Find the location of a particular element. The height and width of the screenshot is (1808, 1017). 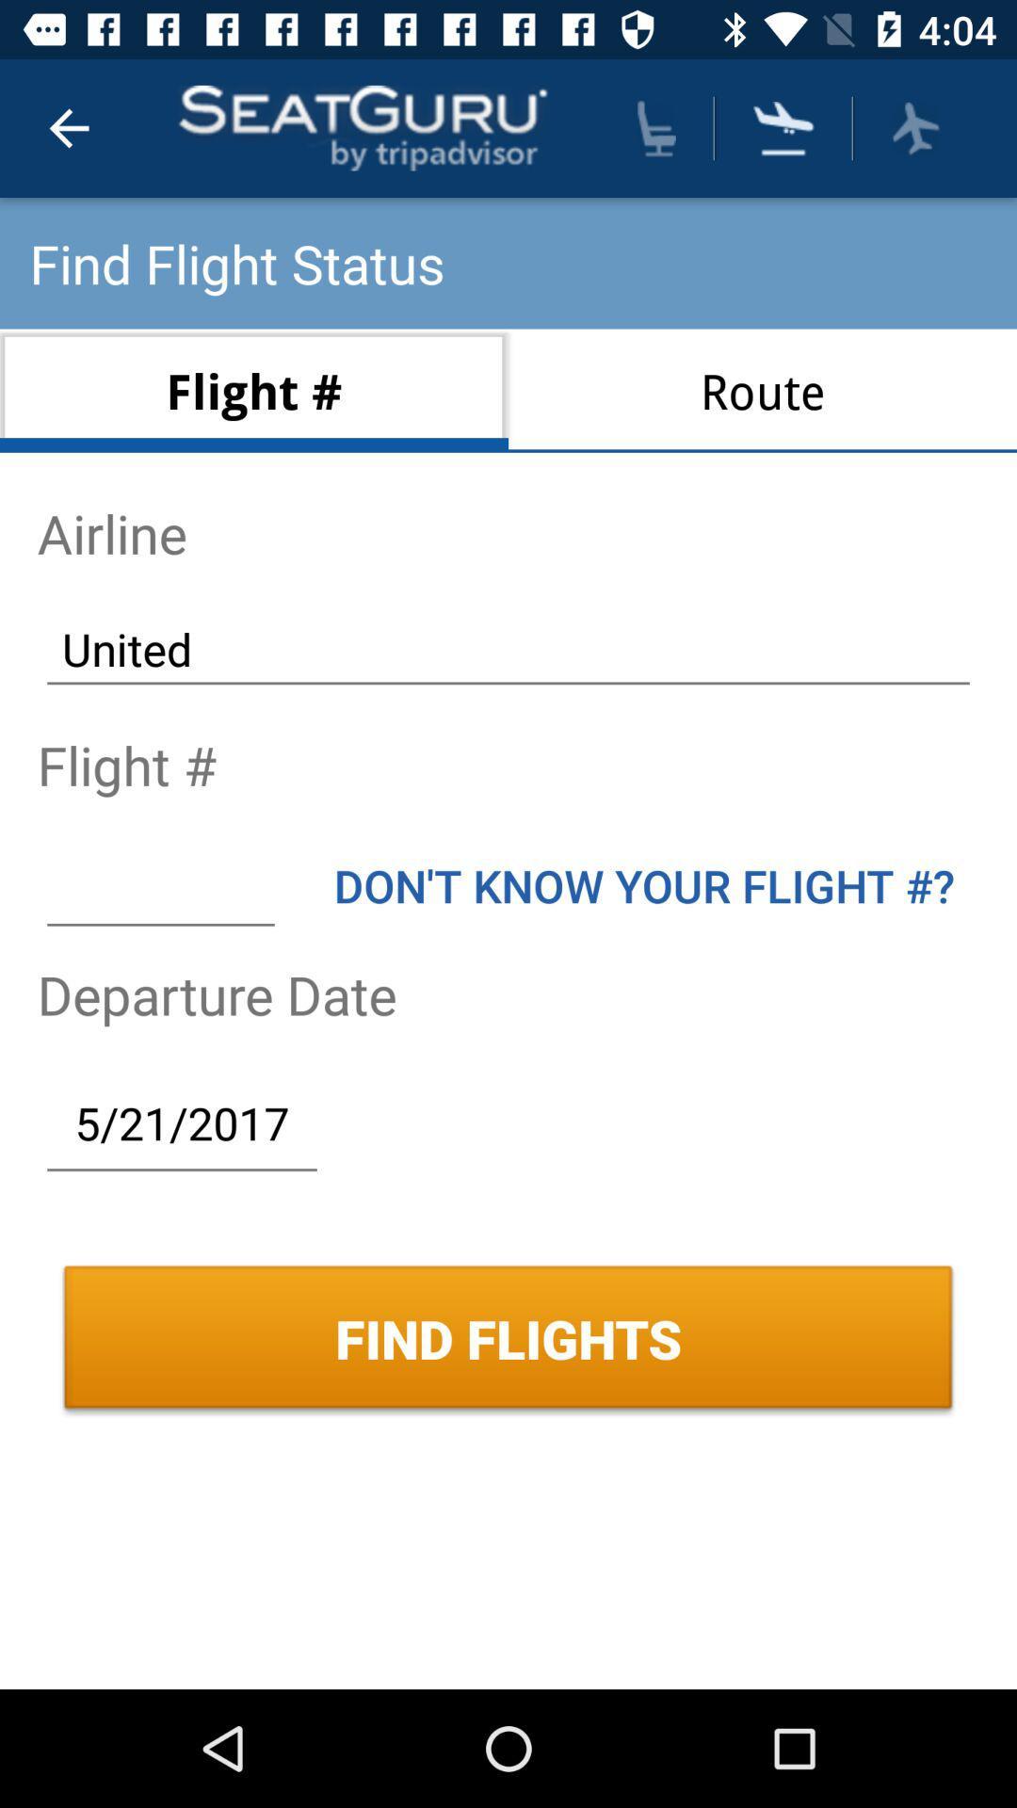

item above the departure date is located at coordinates (159, 884).